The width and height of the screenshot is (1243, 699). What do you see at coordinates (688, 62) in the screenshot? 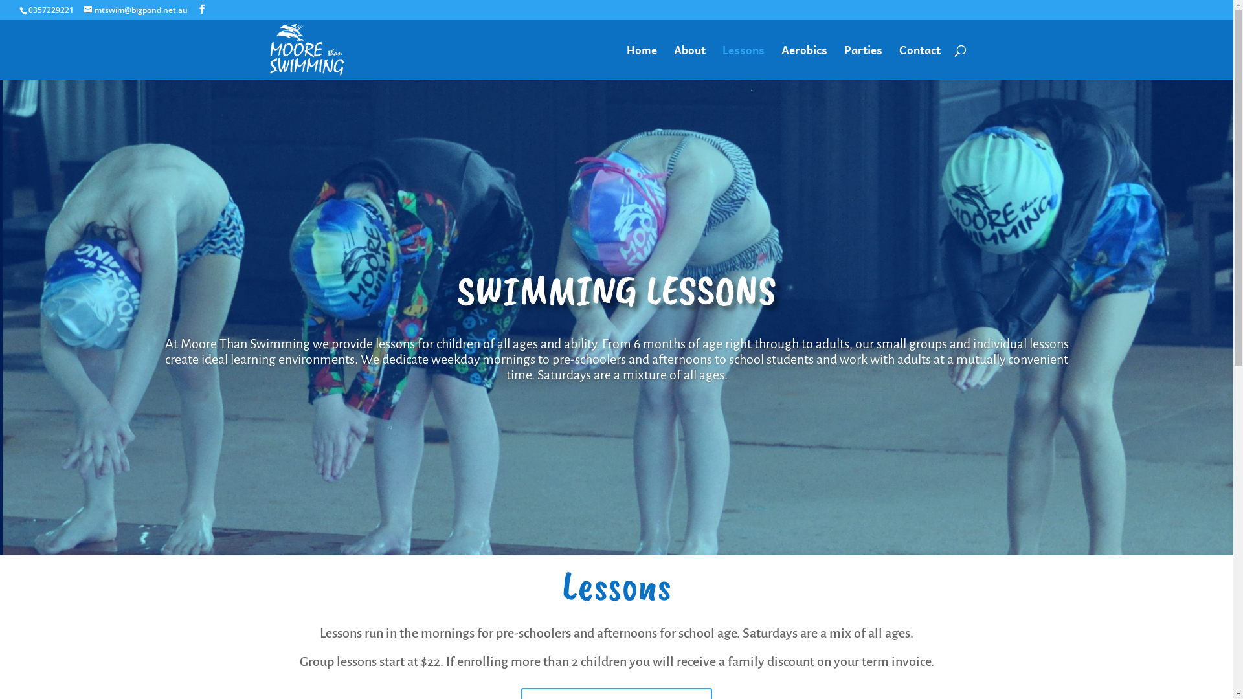
I see `'About'` at bounding box center [688, 62].